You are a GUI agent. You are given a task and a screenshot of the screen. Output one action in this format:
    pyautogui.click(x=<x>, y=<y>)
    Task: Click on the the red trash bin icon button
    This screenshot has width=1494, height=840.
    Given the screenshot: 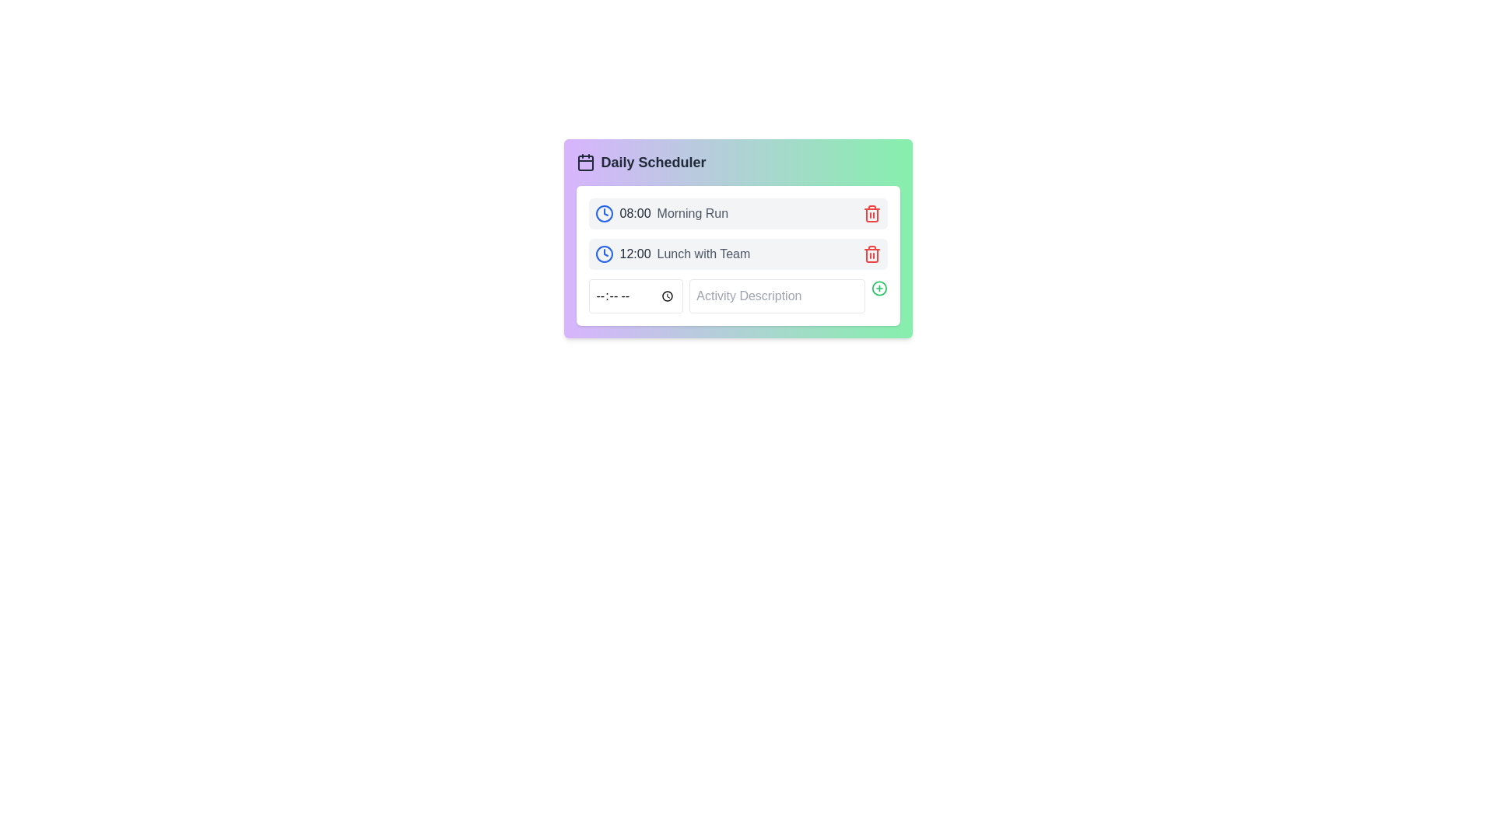 What is the action you would take?
    pyautogui.click(x=871, y=215)
    